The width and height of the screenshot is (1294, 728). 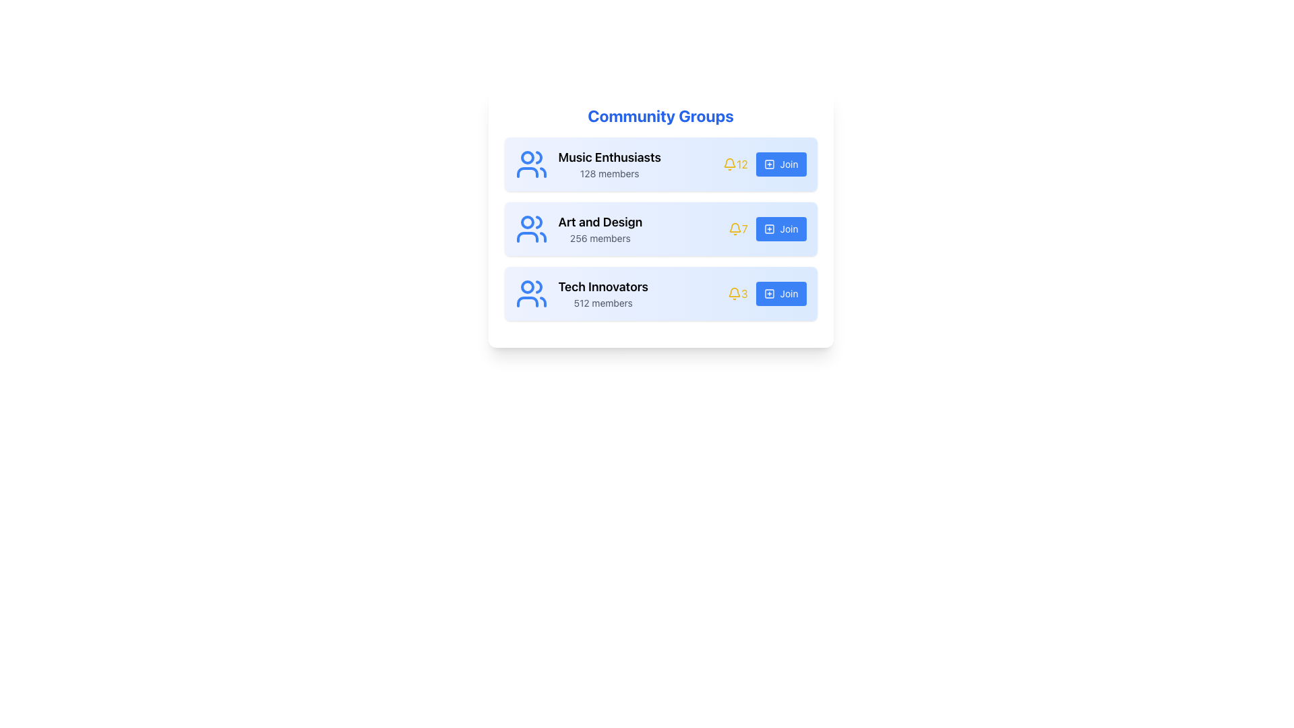 I want to click on text label displaying 'Art and Design' and '256 members' located in the second community group card, positioned to the right of the group icon and above the blue 'Join' button, so click(x=599, y=228).